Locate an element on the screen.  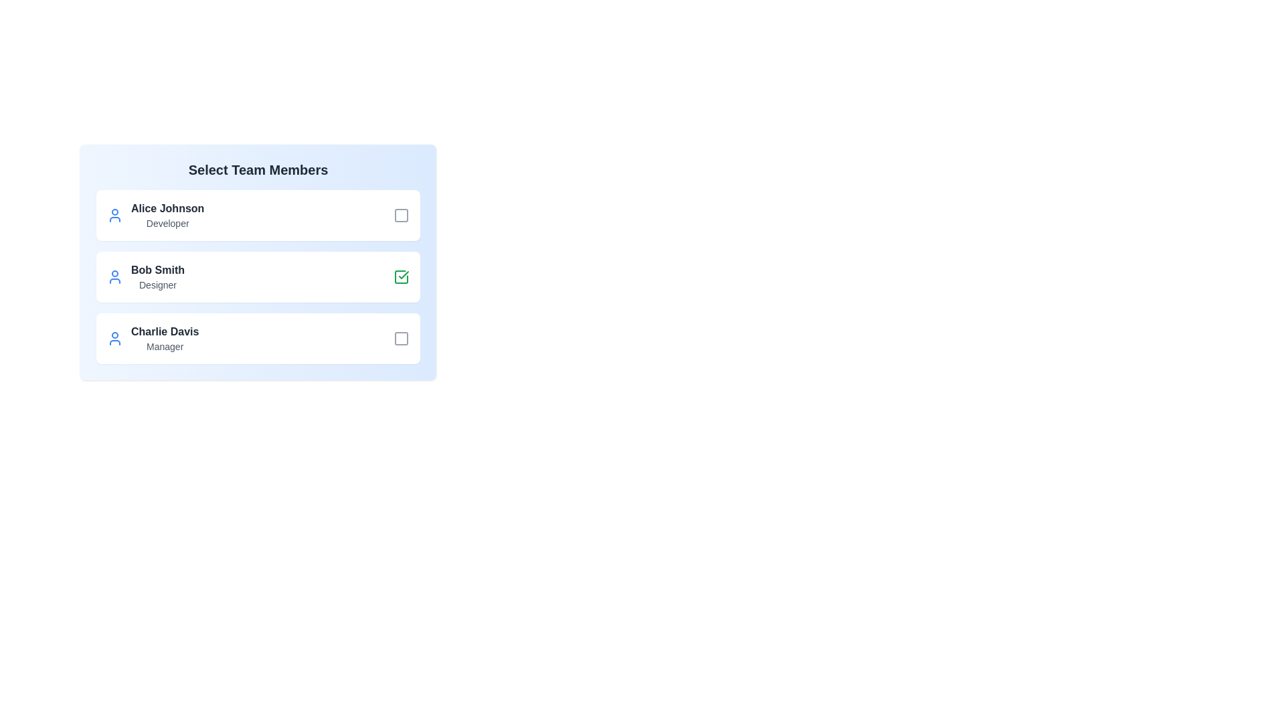
the card of team member Alice Johnson is located at coordinates (258, 214).